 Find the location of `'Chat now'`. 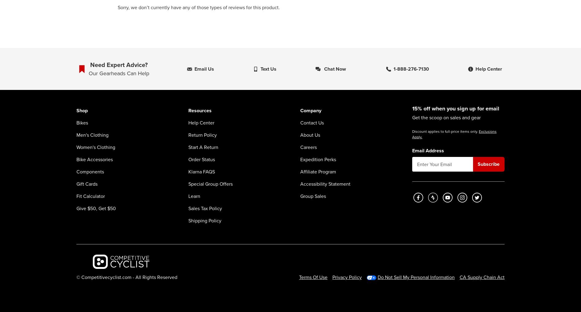

'Chat now' is located at coordinates (324, 69).